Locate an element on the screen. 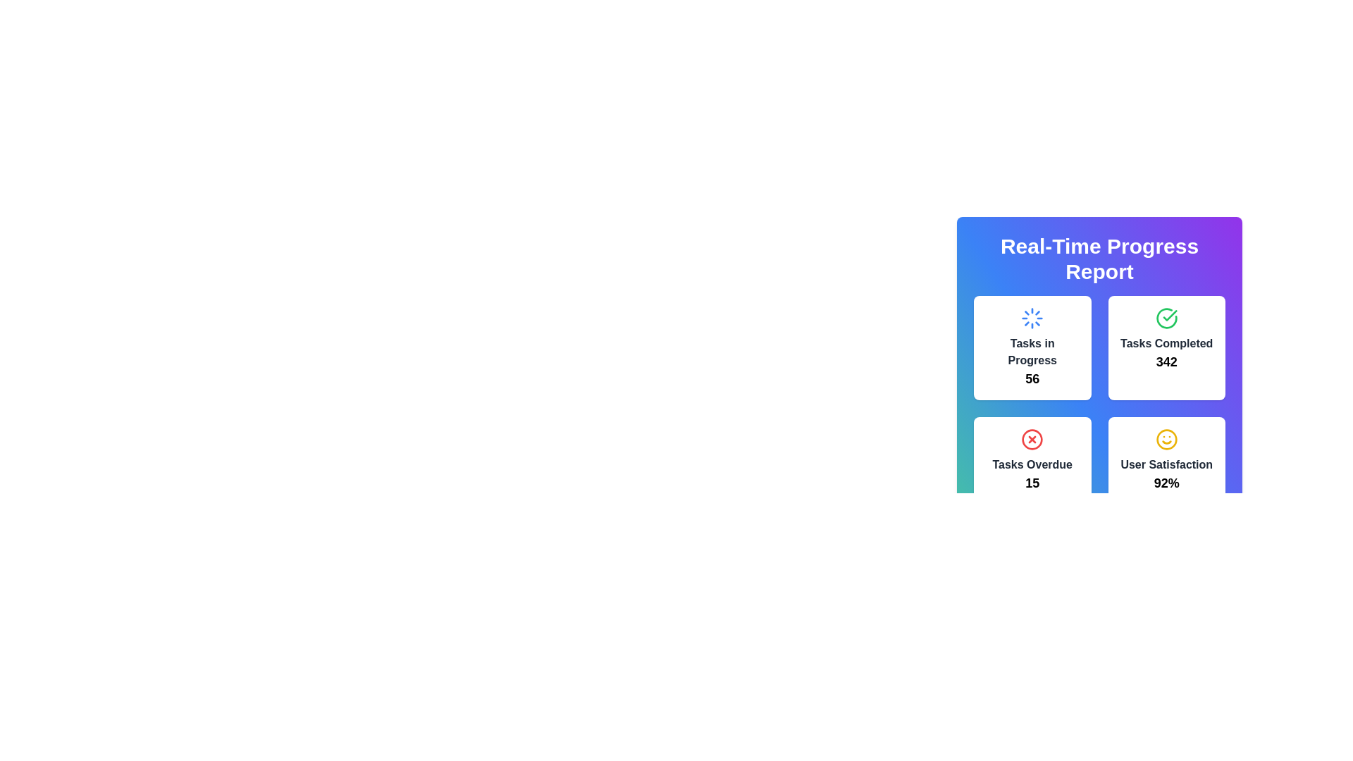  the Informational panel displaying the count of overdue tasks is located at coordinates (1032, 461).